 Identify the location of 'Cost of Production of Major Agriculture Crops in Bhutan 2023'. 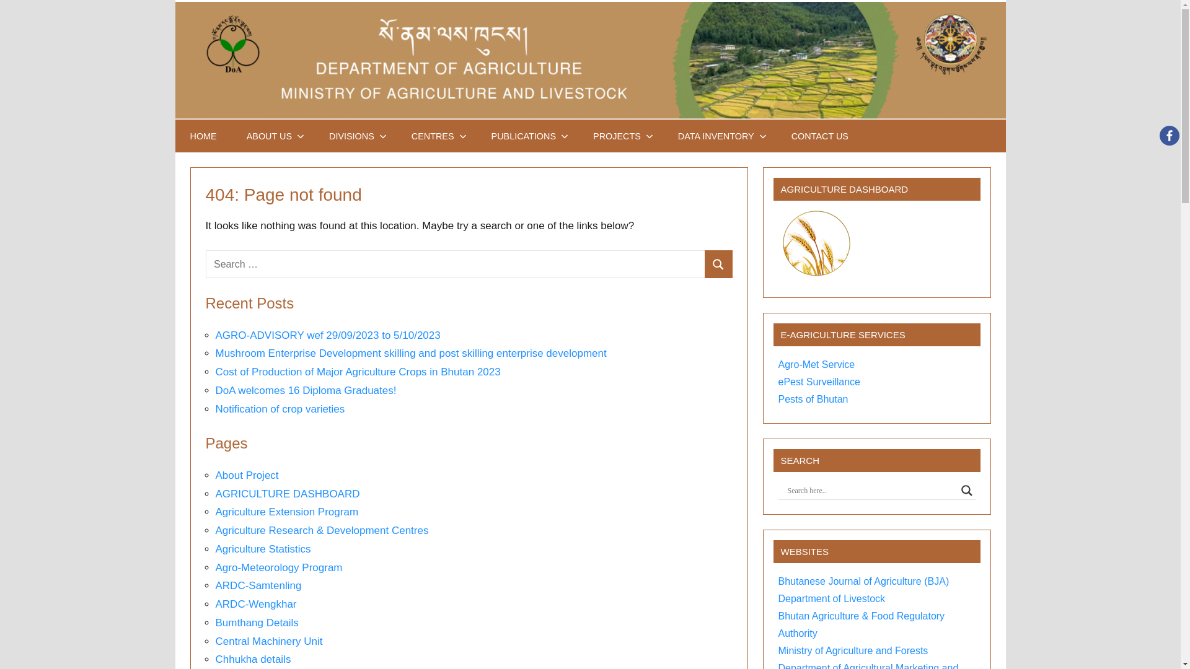
(357, 371).